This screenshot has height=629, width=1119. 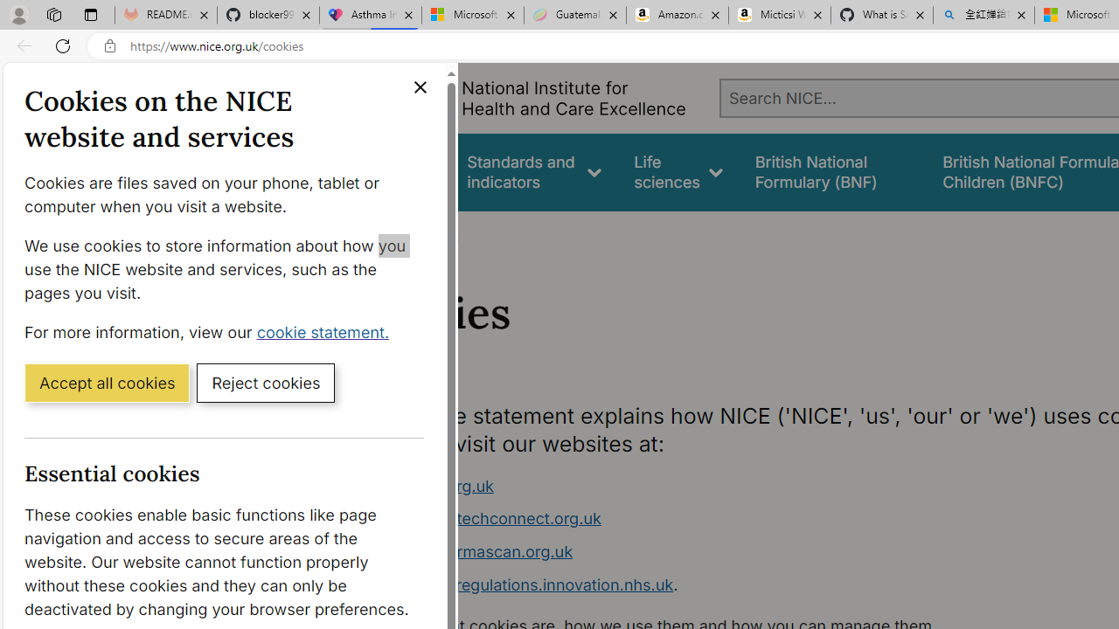 What do you see at coordinates (400, 172) in the screenshot?
I see `'Guidance'` at bounding box center [400, 172].